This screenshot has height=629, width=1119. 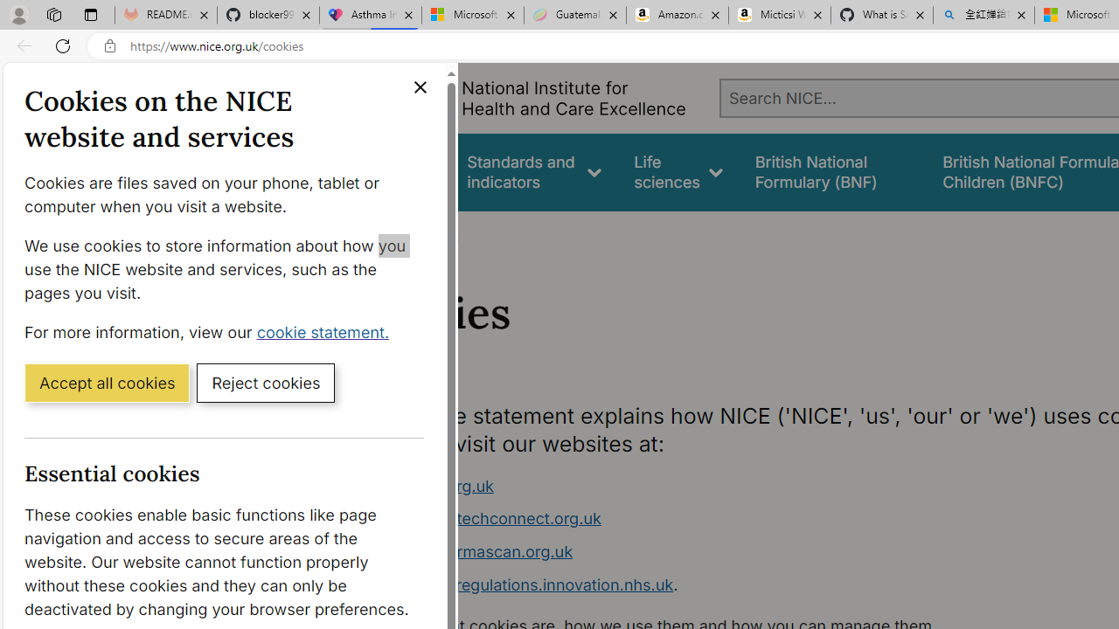 What do you see at coordinates (400, 172) in the screenshot?
I see `'Guidance'` at bounding box center [400, 172].